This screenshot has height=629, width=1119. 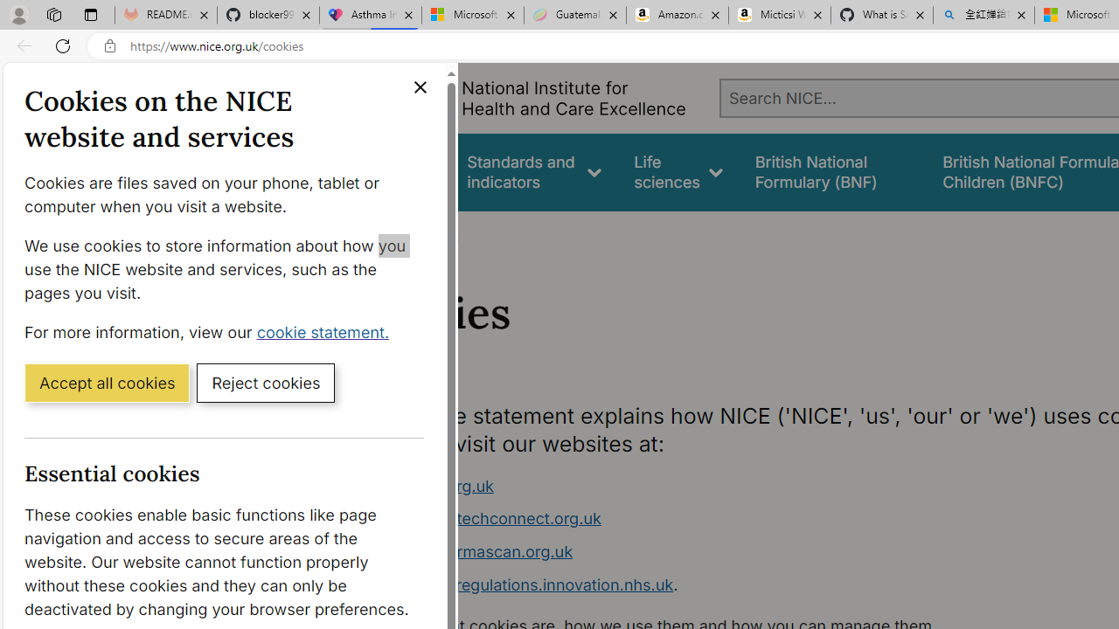 What do you see at coordinates (400, 172) in the screenshot?
I see `'Guidance'` at bounding box center [400, 172].